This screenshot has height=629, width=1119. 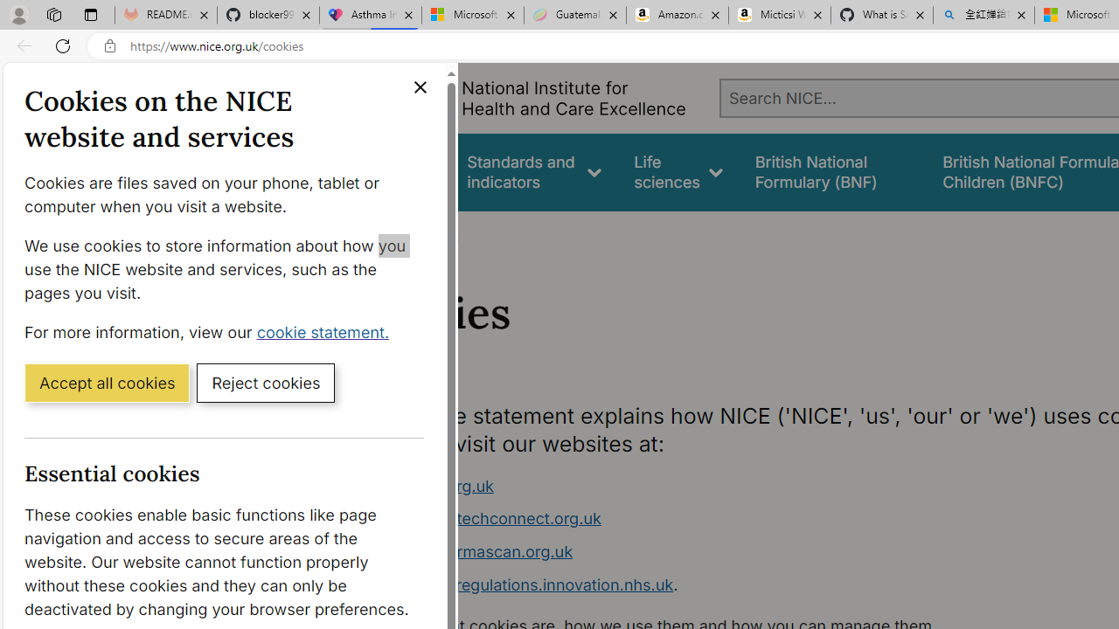 What do you see at coordinates (400, 172) in the screenshot?
I see `'Guidance'` at bounding box center [400, 172].